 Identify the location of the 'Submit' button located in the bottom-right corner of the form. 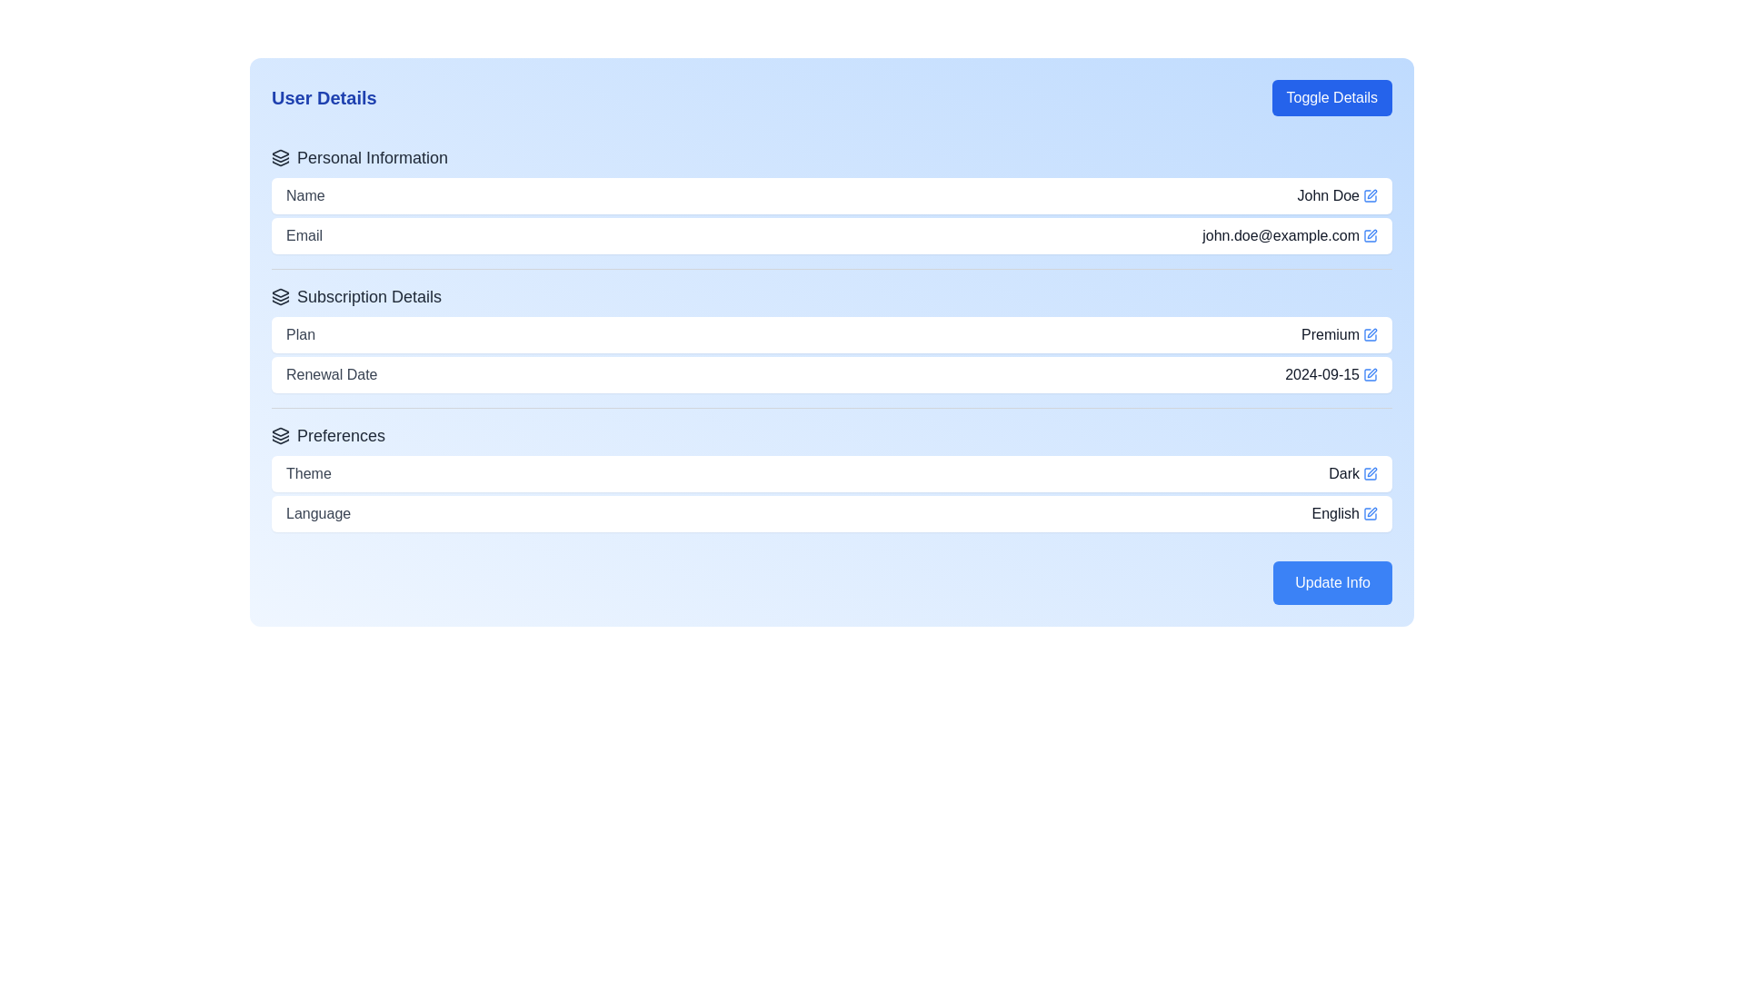
(1332, 582).